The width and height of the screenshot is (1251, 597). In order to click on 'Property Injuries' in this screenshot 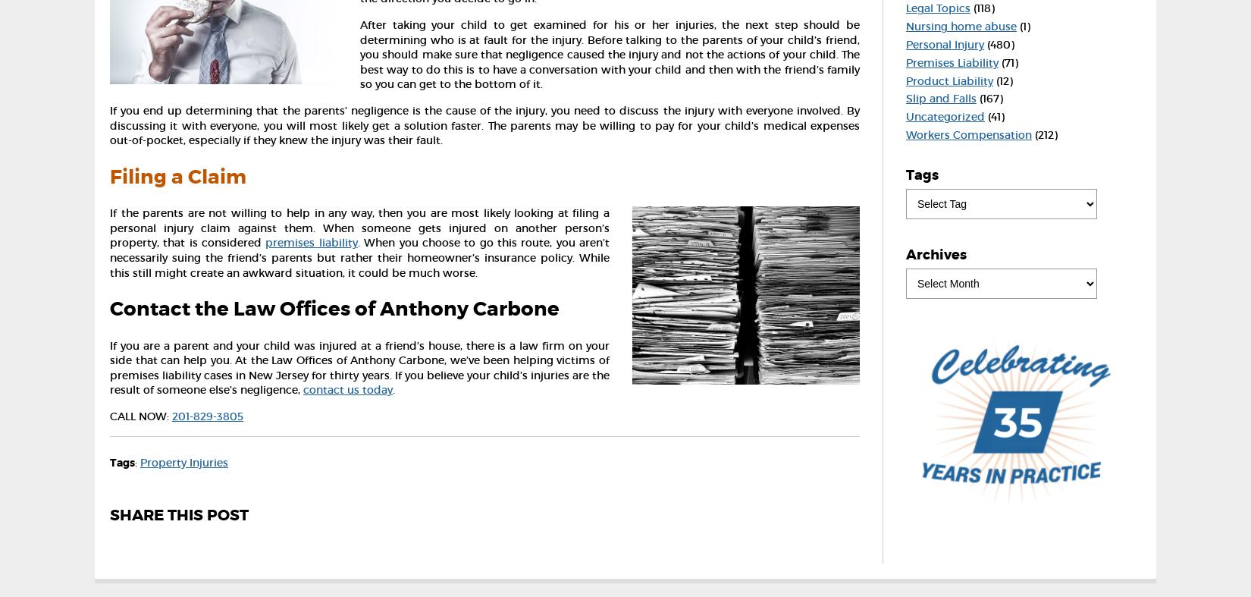, I will do `click(184, 460)`.